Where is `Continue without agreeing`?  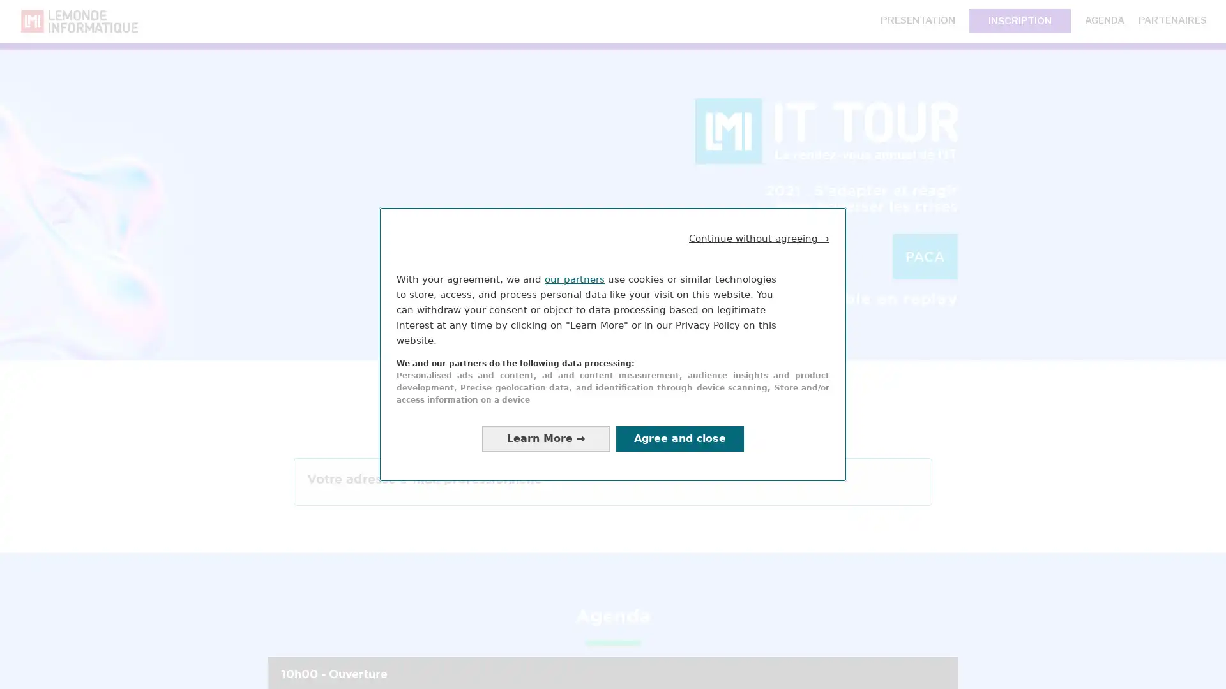
Continue without agreeing is located at coordinates (759, 238).